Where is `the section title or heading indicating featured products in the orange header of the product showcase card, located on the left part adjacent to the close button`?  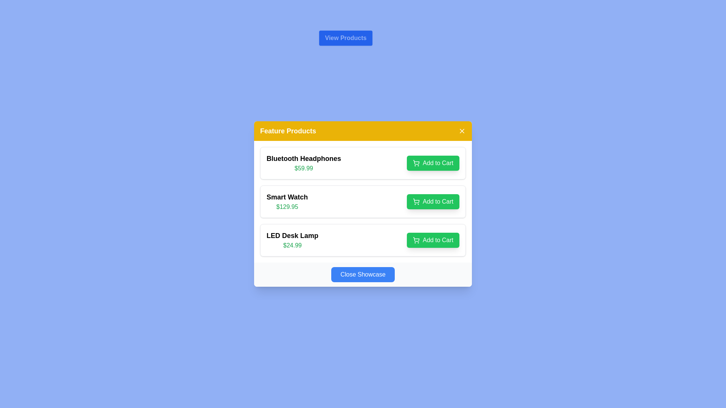
the section title or heading indicating featured products in the orange header of the product showcase card, located on the left part adjacent to the close button is located at coordinates (288, 131).